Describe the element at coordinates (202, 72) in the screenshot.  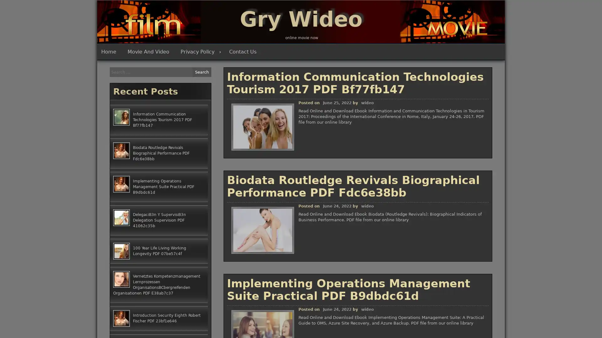
I see `Search` at that location.